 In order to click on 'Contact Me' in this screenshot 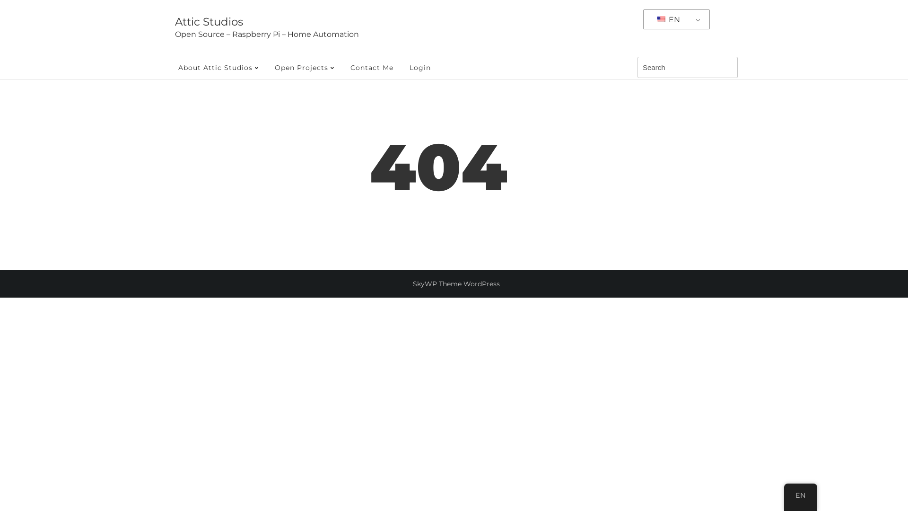, I will do `click(342, 67)`.